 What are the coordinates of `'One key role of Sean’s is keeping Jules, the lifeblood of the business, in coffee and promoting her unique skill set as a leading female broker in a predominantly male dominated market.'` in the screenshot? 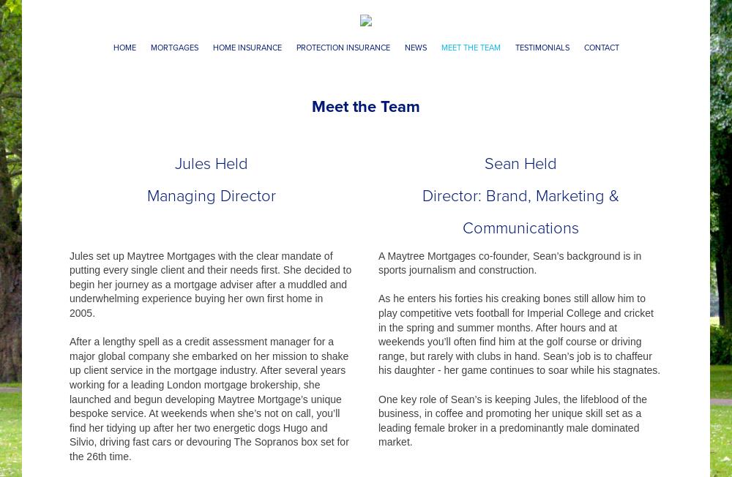 It's located at (513, 419).